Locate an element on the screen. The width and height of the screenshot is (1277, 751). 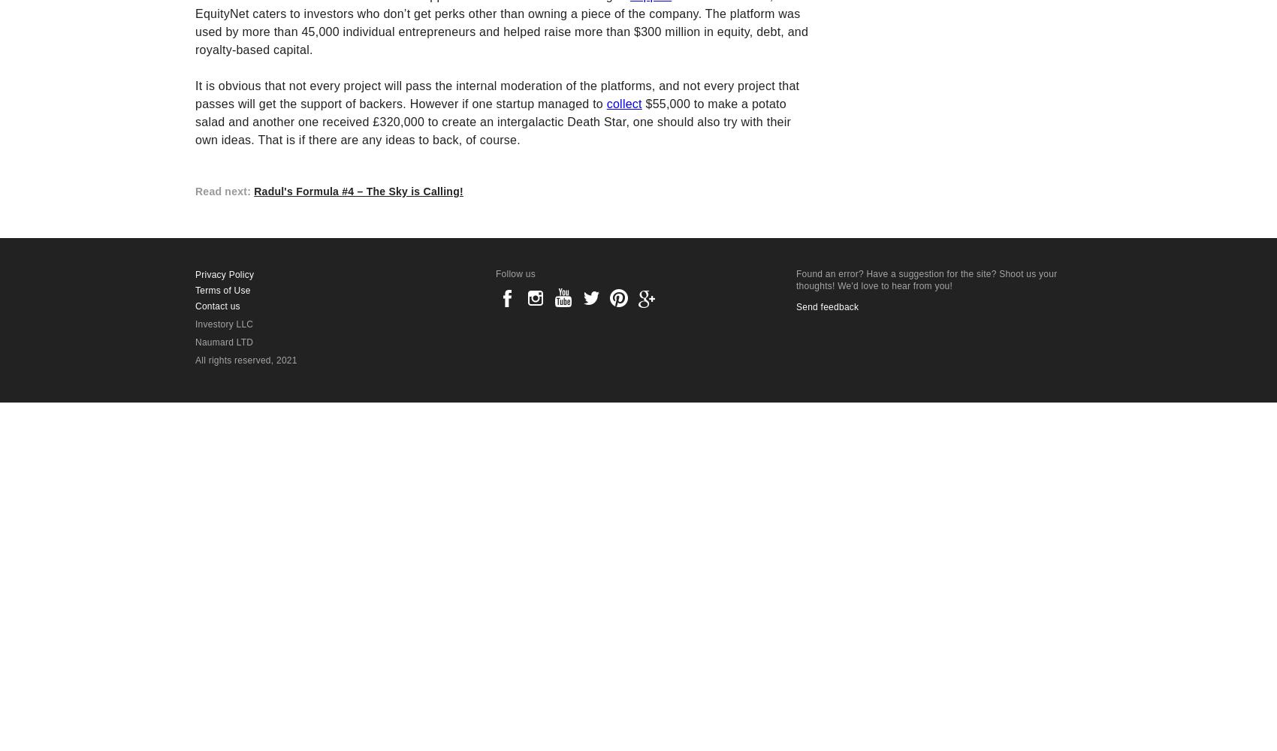
'Found an error? Have a suggestion for the site? Shoot us your thoughts! We'd love to hear from you!' is located at coordinates (925, 279).